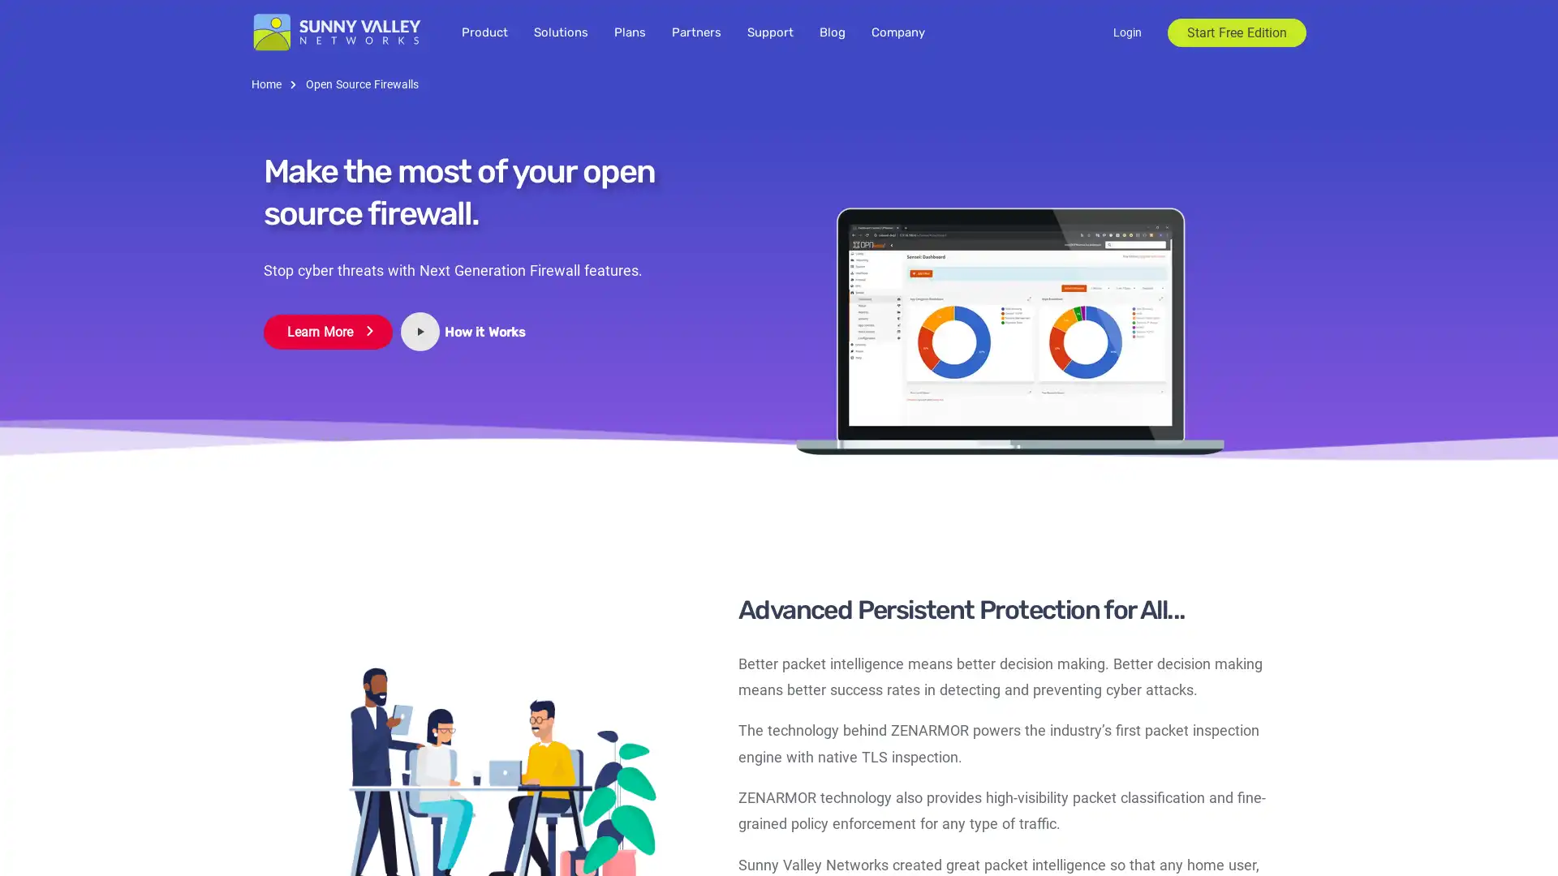 The height and width of the screenshot is (876, 1558). Describe the element at coordinates (327, 331) in the screenshot. I see `Learn More` at that location.